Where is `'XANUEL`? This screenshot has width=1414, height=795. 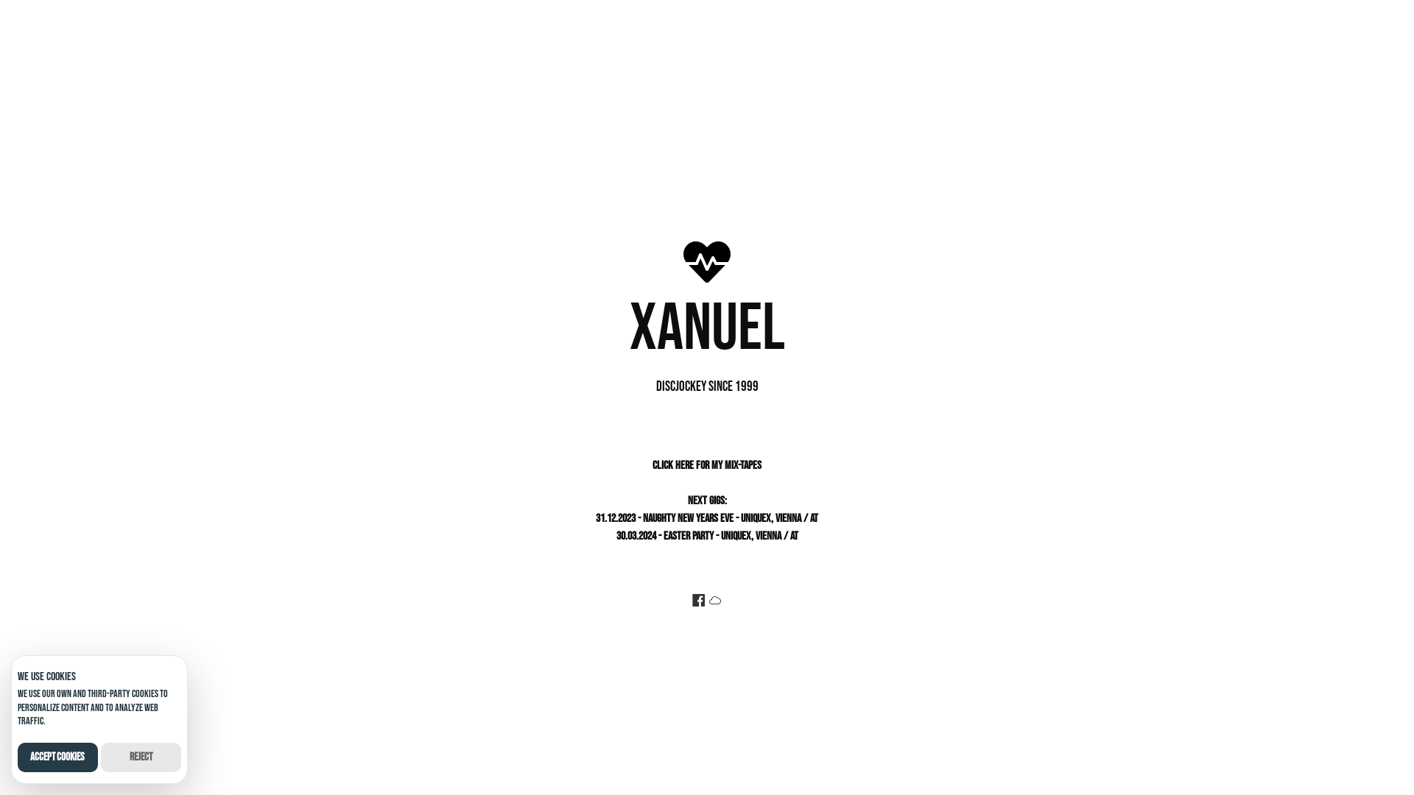
'XANUEL is located at coordinates (707, 334).